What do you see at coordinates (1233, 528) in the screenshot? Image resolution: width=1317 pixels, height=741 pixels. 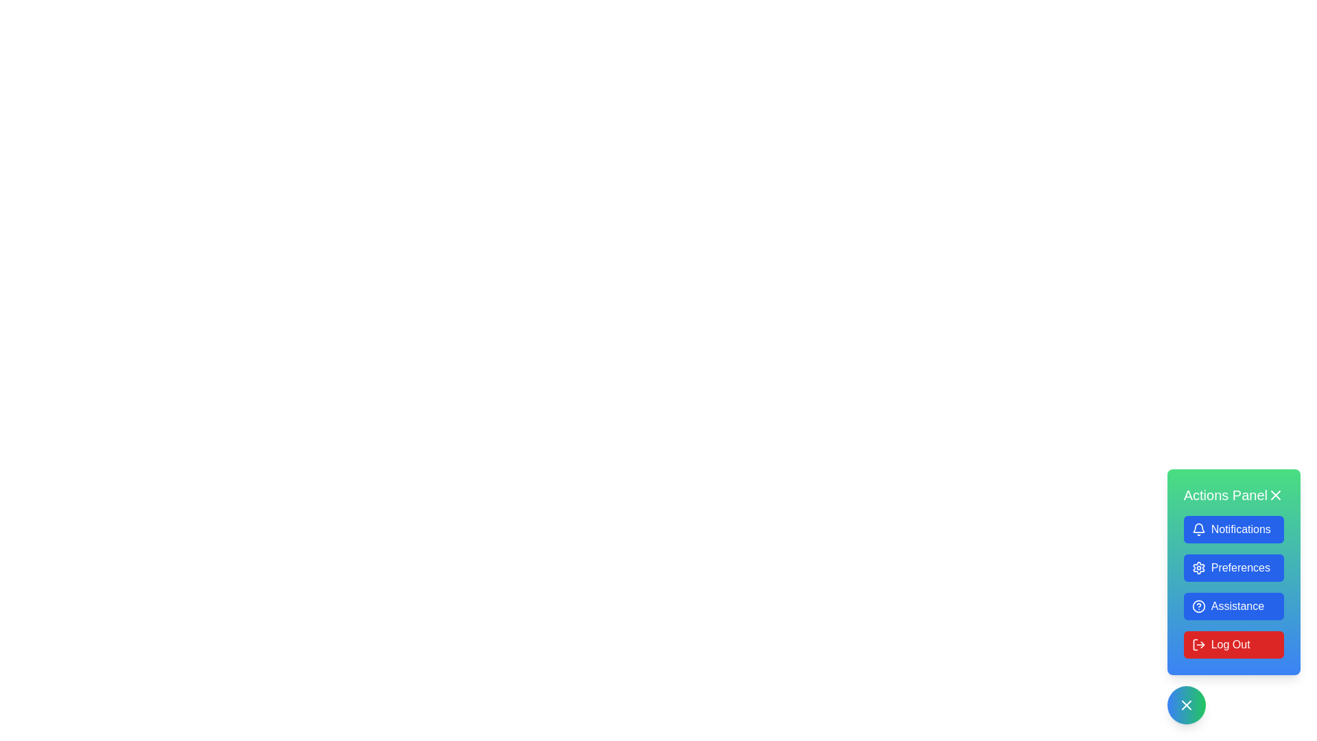 I see `the notification button located in the Actions Panel to potentially reveal additional information or a tooltip` at bounding box center [1233, 528].